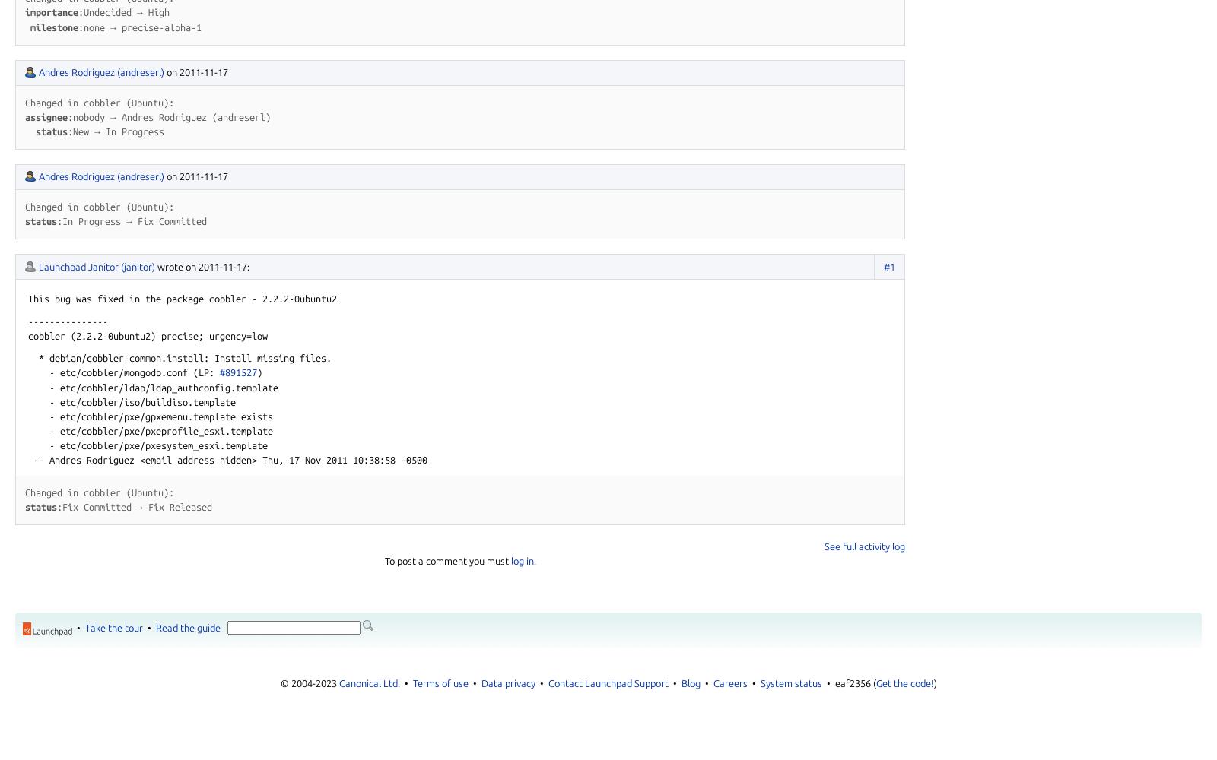  I want to click on 'Get the code!', so click(904, 683).